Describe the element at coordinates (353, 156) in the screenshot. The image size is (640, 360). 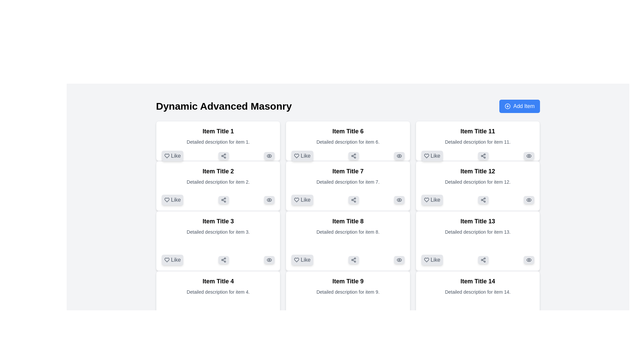
I see `the share button with a light gray background and rounded corners located in the middle row of the grid, specifically the second interactive control in the 'Item Title 6' card` at that location.